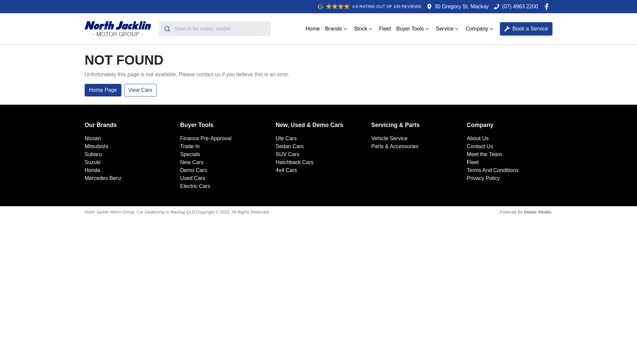 The width and height of the screenshot is (637, 358). I want to click on 'Parts & Accessories', so click(395, 146).